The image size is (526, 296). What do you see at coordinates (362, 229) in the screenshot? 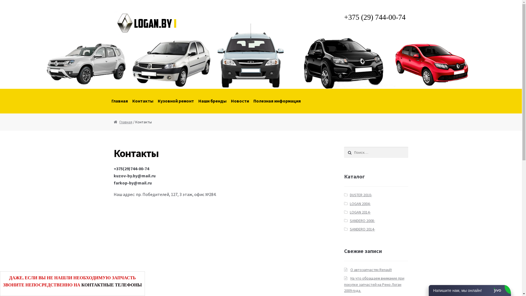
I see `'SANDERO 2014-'` at bounding box center [362, 229].